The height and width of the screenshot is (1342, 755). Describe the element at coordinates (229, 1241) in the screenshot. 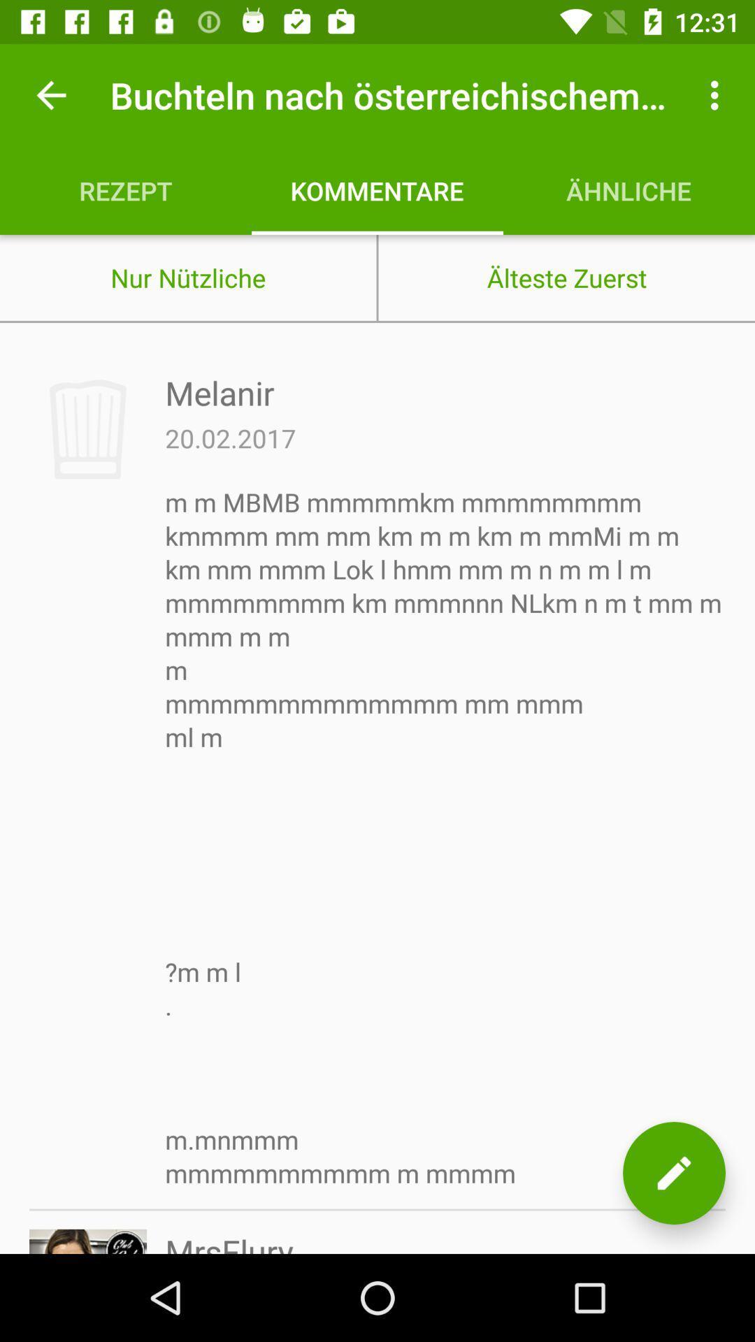

I see `icon below m m mbmb icon` at that location.